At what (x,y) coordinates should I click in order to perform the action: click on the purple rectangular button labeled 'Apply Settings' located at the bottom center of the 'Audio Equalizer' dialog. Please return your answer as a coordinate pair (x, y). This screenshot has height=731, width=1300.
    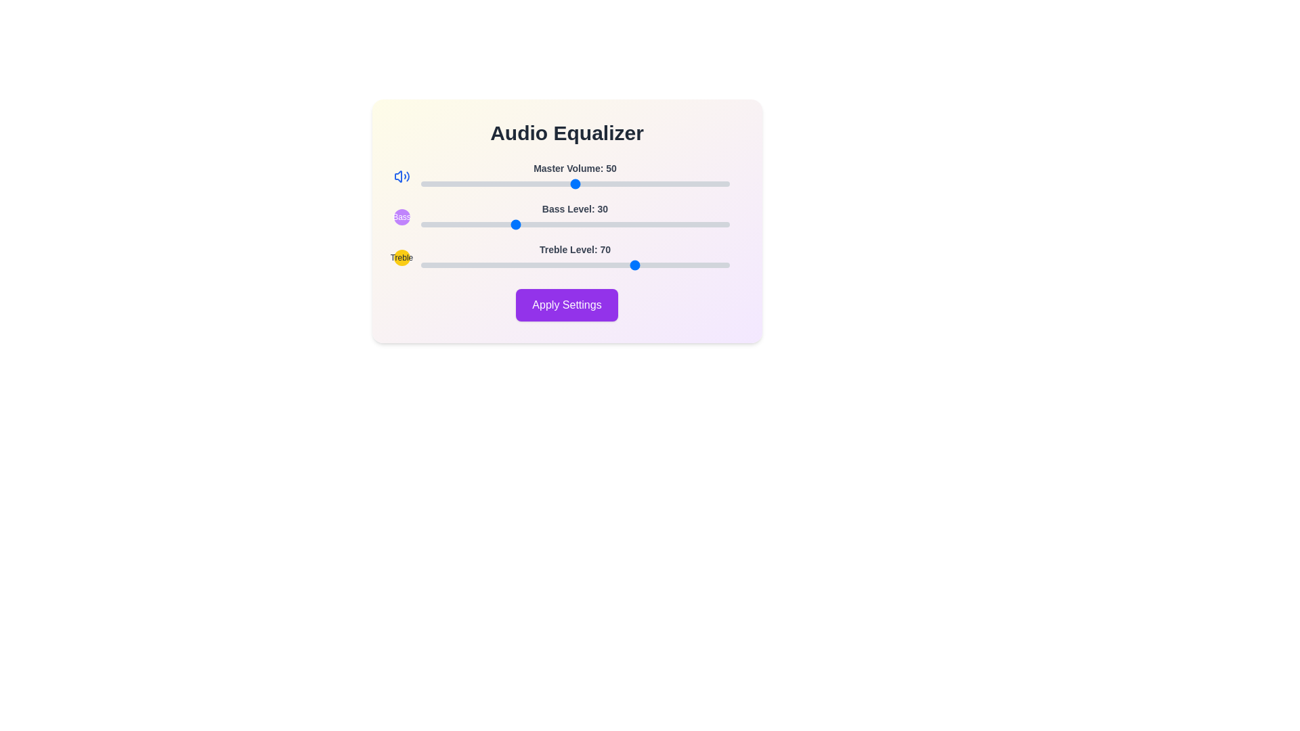
    Looking at the image, I should click on (567, 305).